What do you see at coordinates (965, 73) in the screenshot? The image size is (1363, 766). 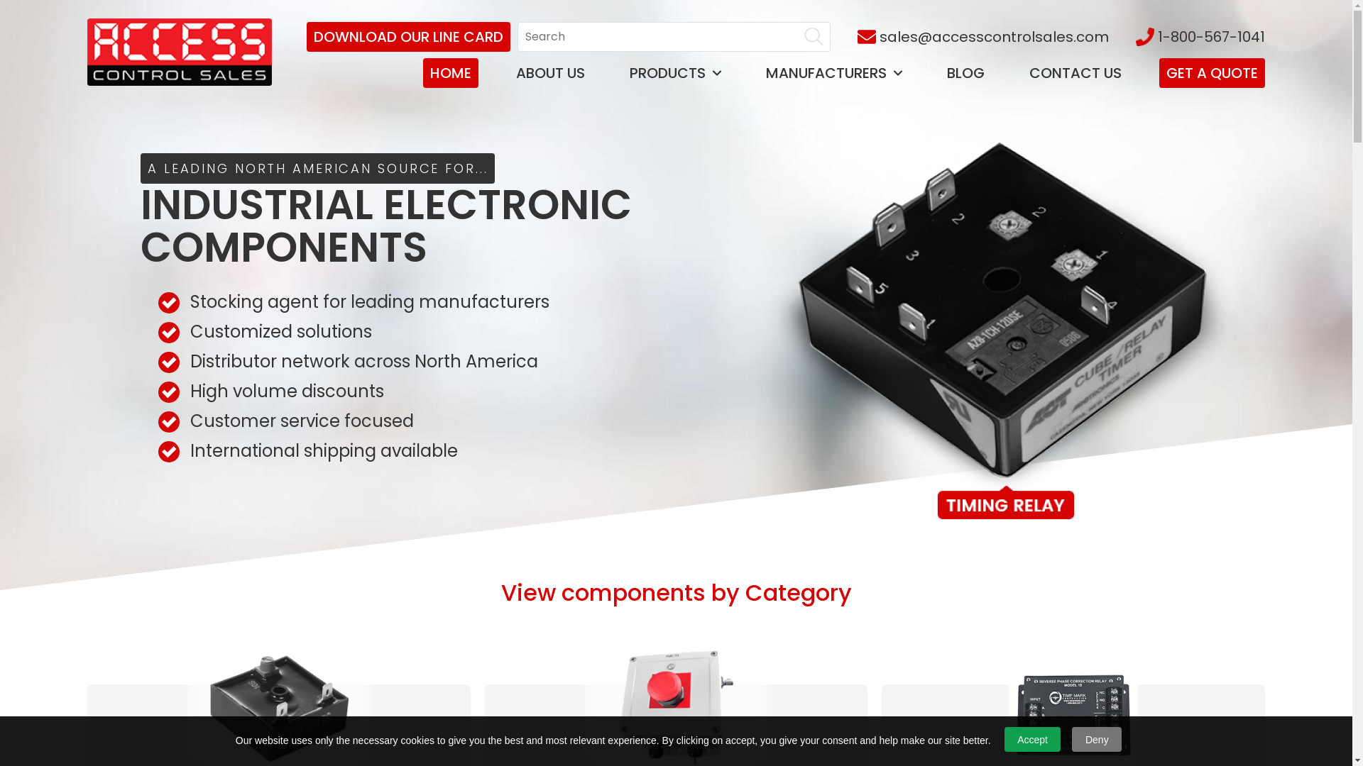 I see `'BLOG'` at bounding box center [965, 73].